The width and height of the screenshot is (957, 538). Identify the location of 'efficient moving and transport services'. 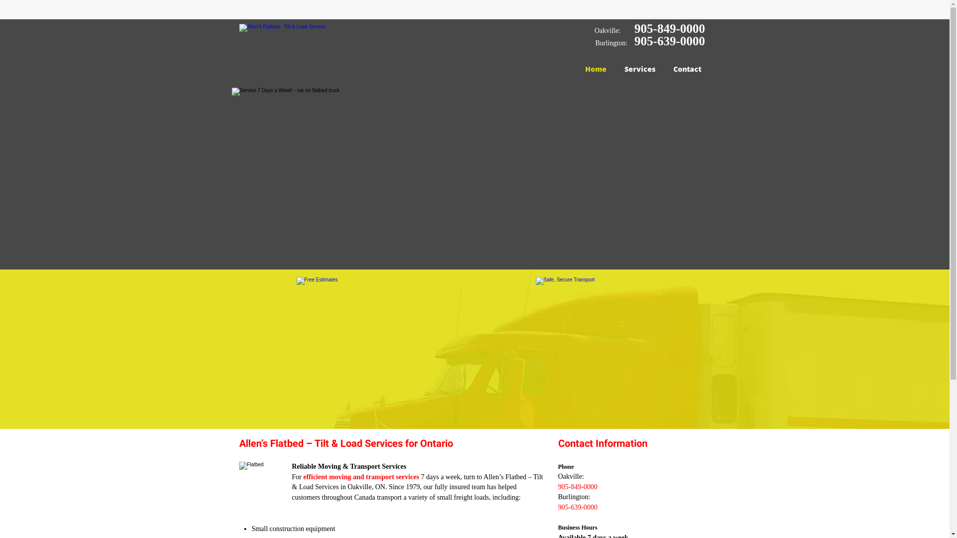
(360, 476).